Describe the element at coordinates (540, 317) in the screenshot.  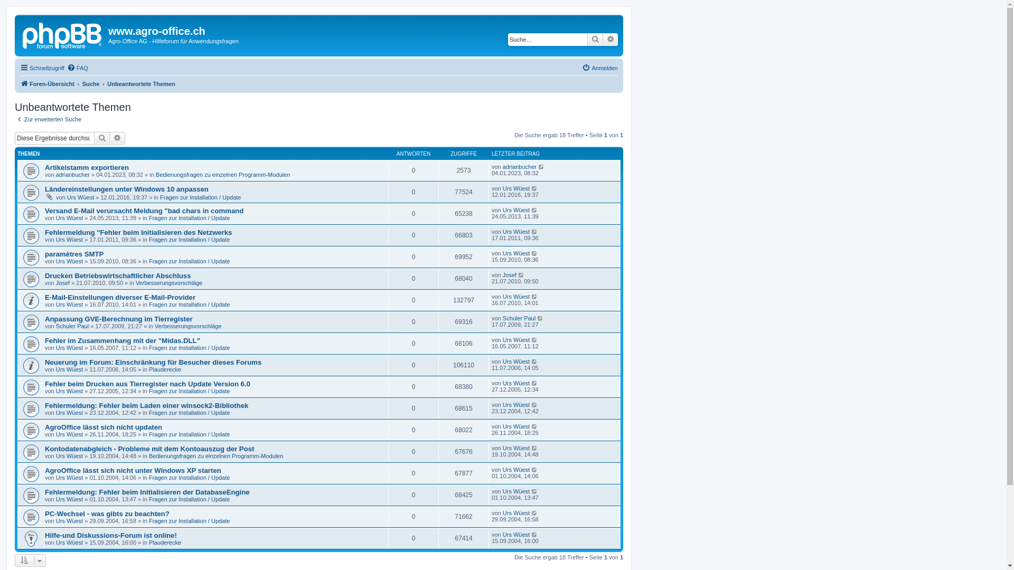
I see `'Gehe zum letzten Beitrag'` at that location.